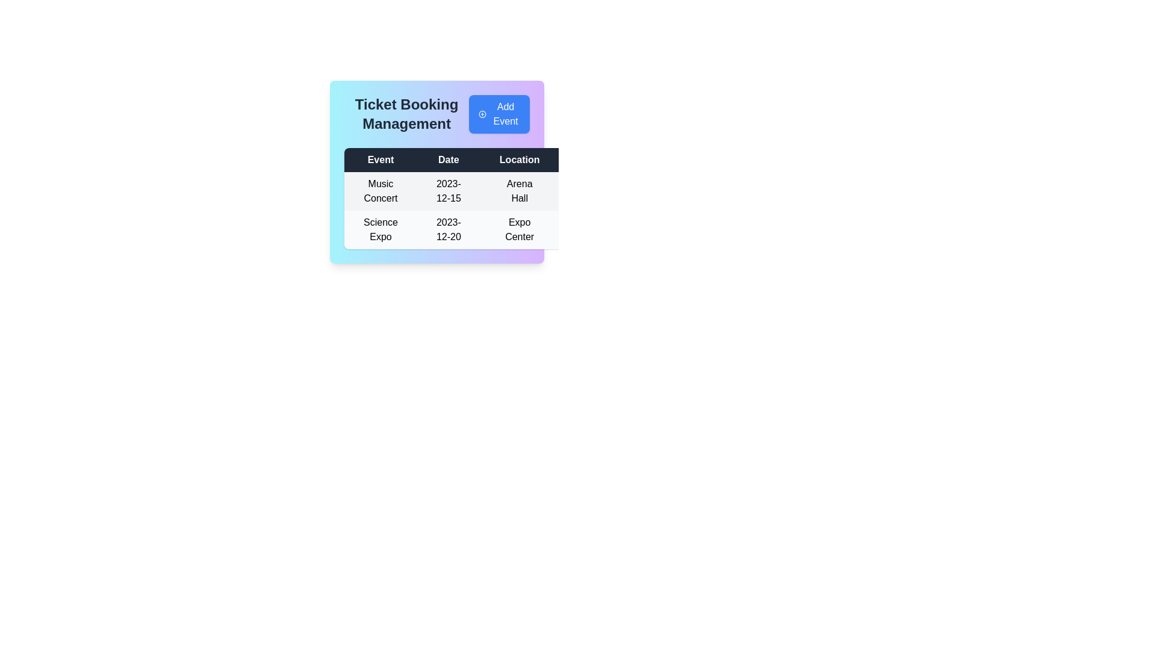  What do you see at coordinates (520, 190) in the screenshot?
I see `text value of the 'Arena Hall' label located in the third column under the 'Location' header in the 'Ticket Booking Management' table` at bounding box center [520, 190].